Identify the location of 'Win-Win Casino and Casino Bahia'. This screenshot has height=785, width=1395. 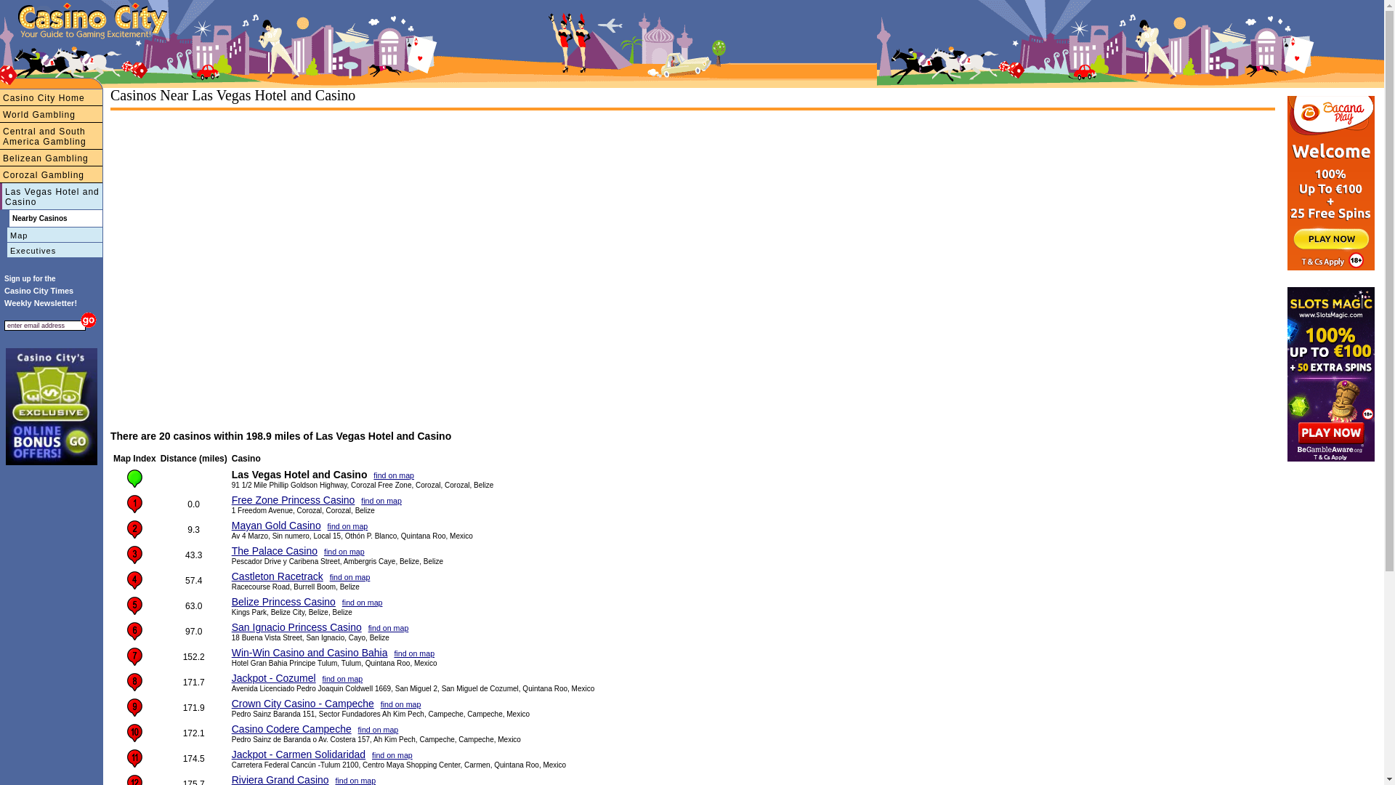
(230, 652).